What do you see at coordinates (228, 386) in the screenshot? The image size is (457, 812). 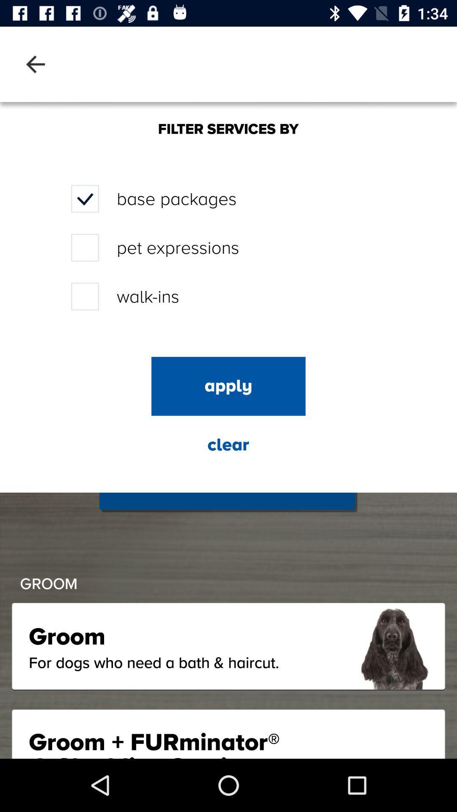 I see `the item below the walk-ins item` at bounding box center [228, 386].